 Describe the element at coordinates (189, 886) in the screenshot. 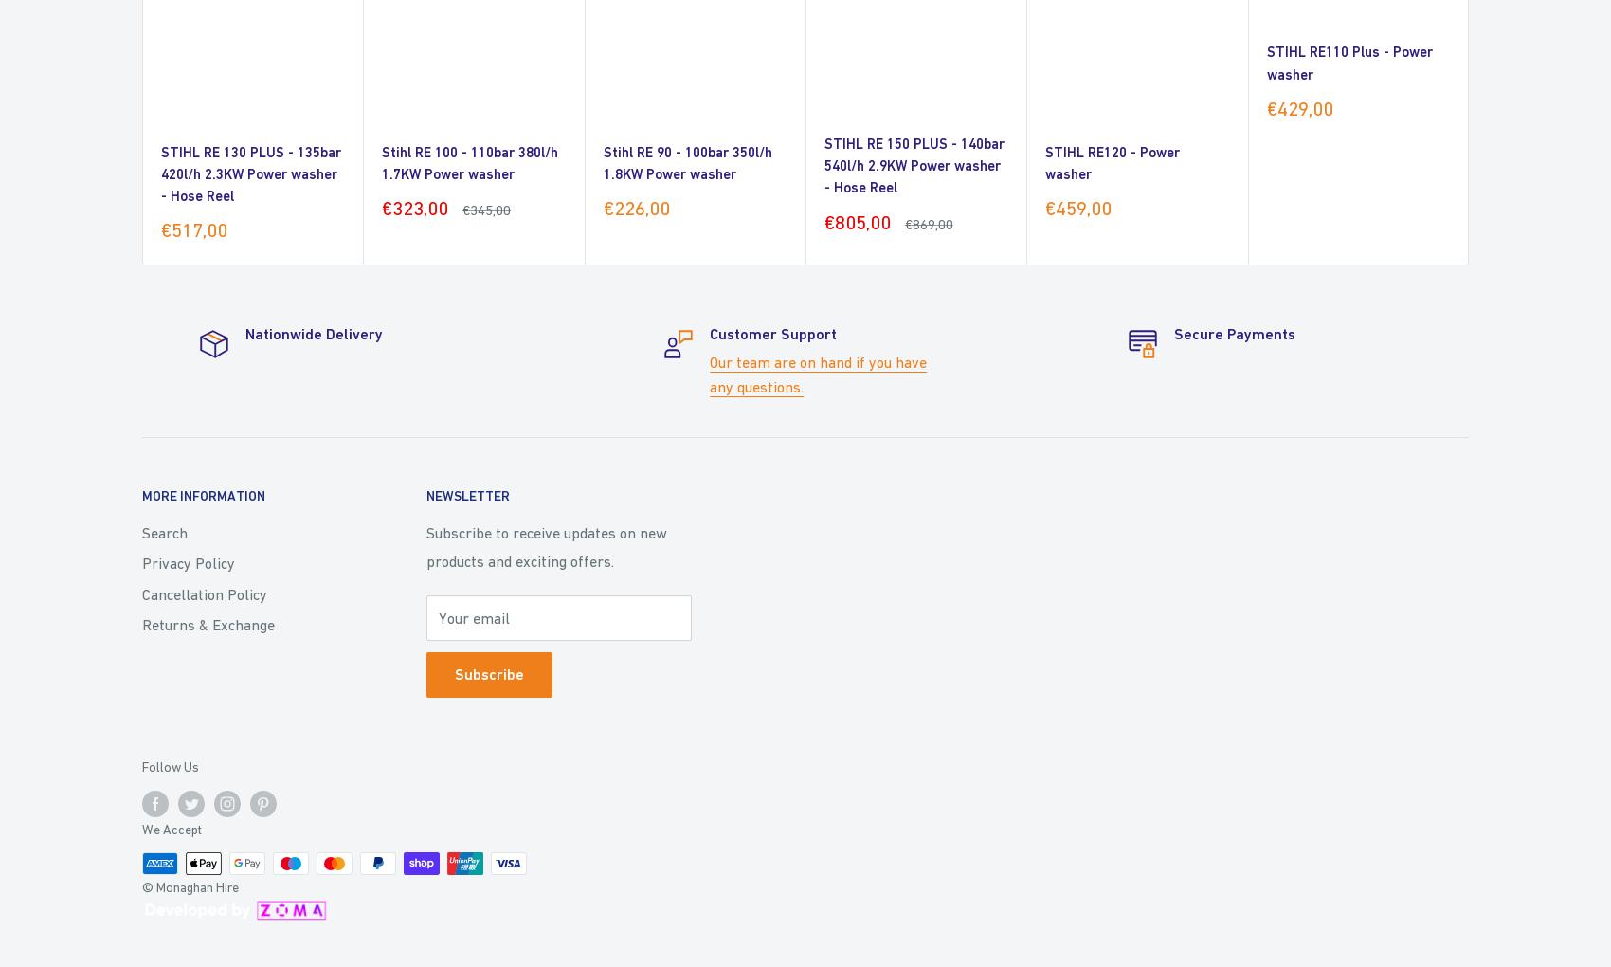

I see `'© Monaghan Hire'` at that location.